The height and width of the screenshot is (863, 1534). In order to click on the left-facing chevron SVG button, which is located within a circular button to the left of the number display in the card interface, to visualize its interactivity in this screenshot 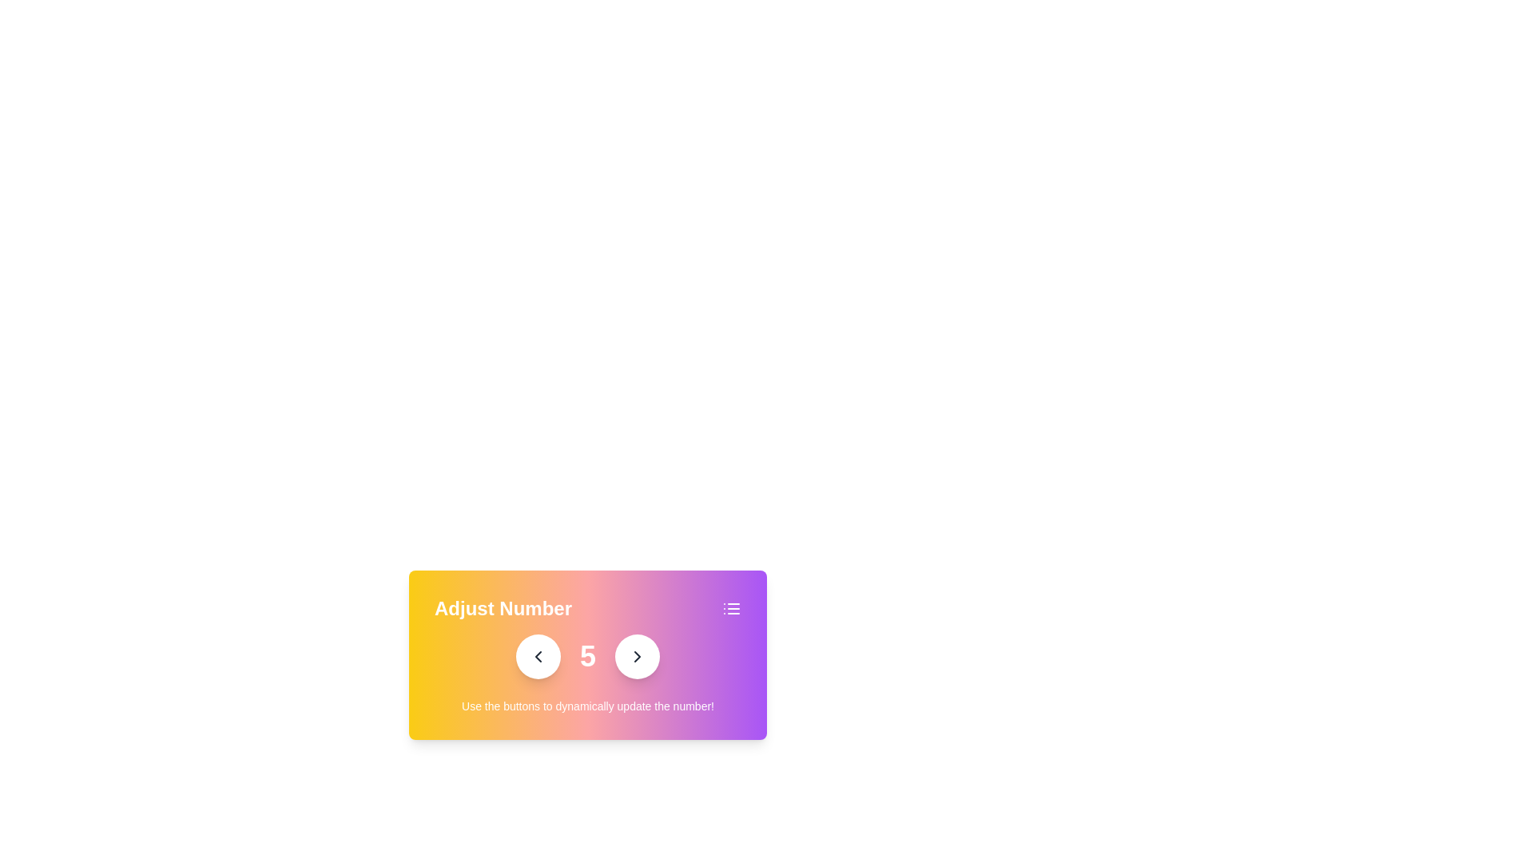, I will do `click(538, 656)`.